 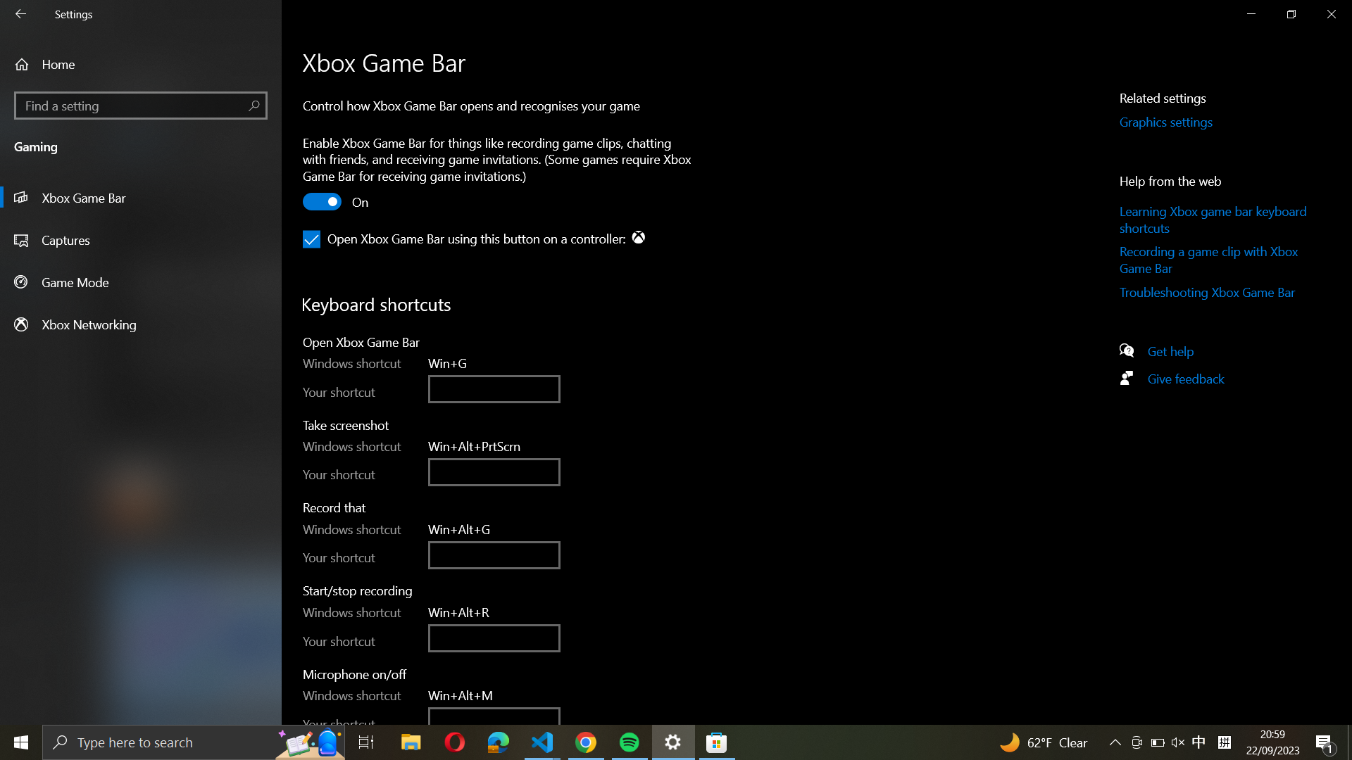 What do you see at coordinates (141, 324) in the screenshot?
I see `the Network settings of Xbox` at bounding box center [141, 324].